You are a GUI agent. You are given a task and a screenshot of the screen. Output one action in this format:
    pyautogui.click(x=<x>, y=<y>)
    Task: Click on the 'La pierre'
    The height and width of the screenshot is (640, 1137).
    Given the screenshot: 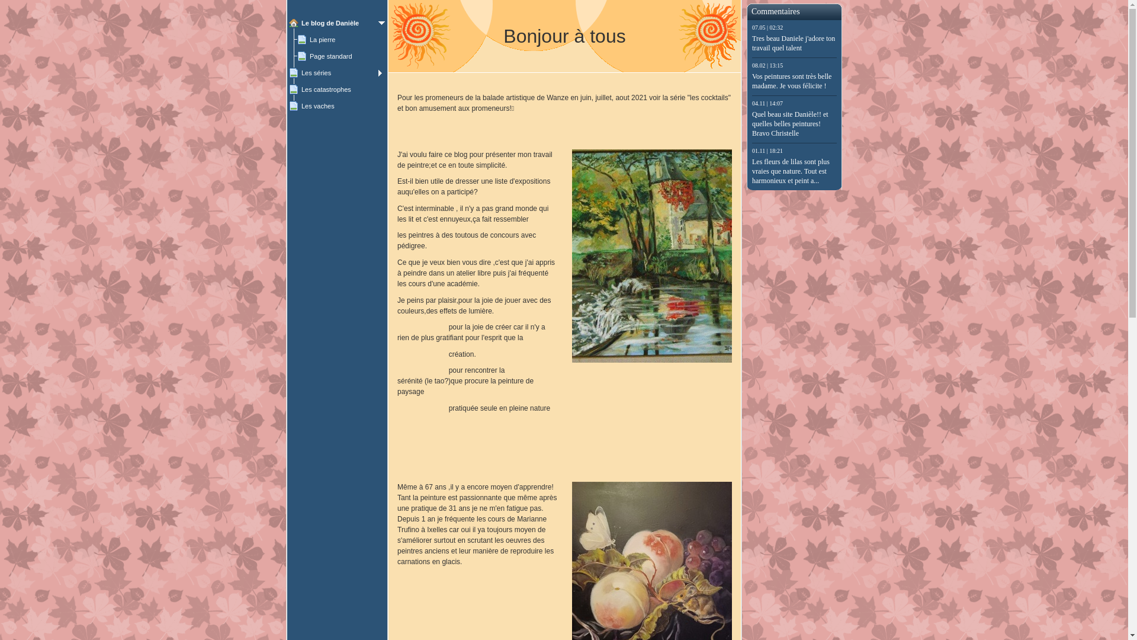 What is the action you would take?
    pyautogui.click(x=341, y=39)
    